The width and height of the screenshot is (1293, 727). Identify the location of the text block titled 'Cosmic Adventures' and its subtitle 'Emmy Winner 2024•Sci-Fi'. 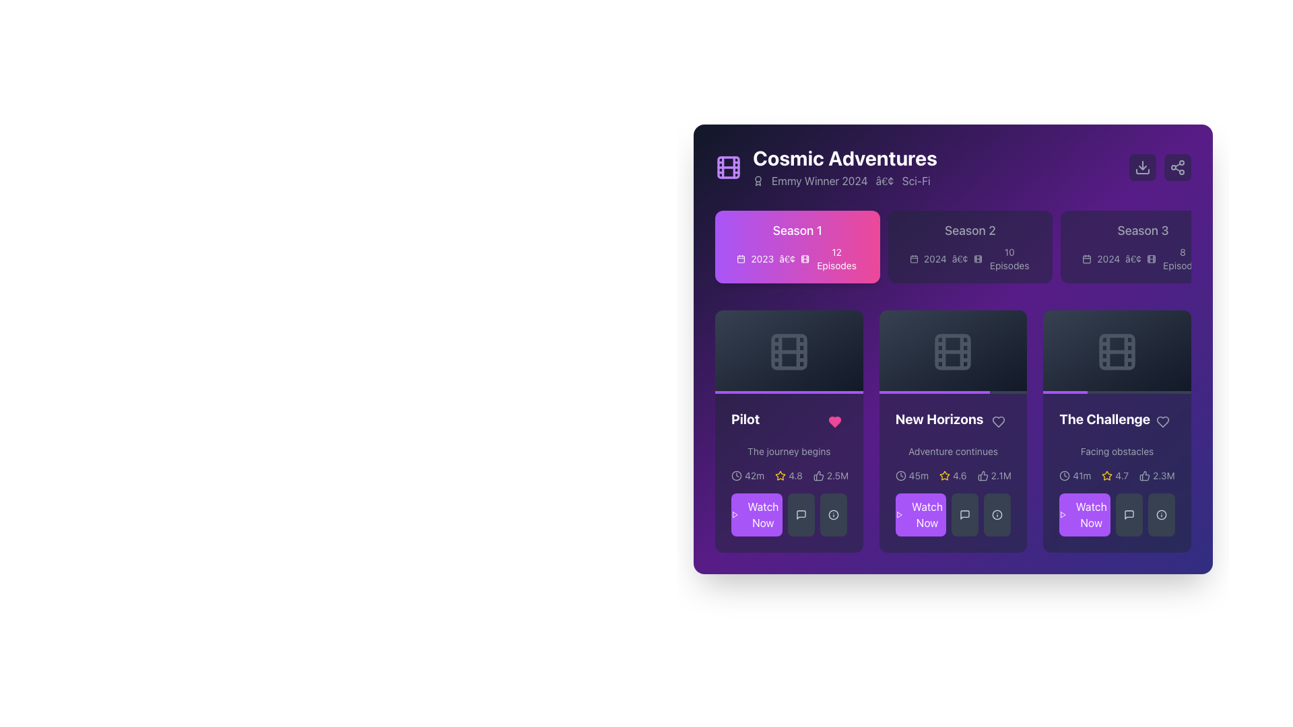
(844, 167).